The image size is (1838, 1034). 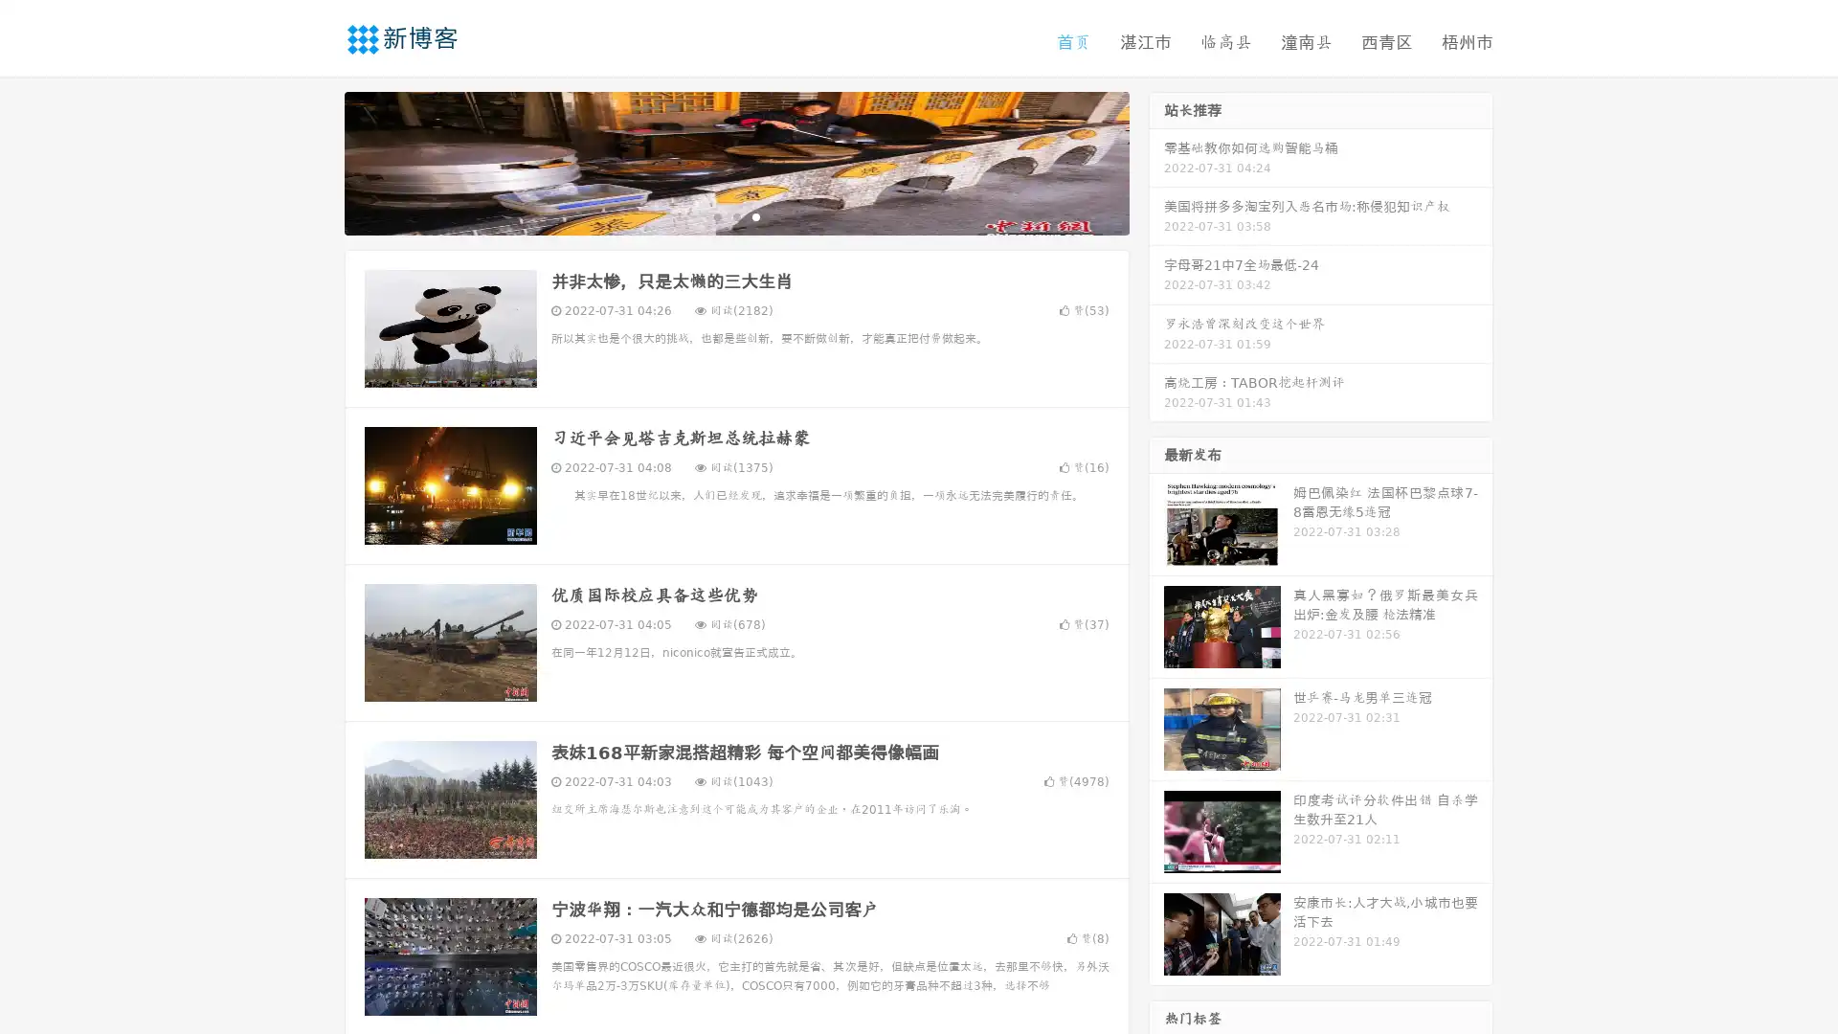 I want to click on Next slide, so click(x=1156, y=161).